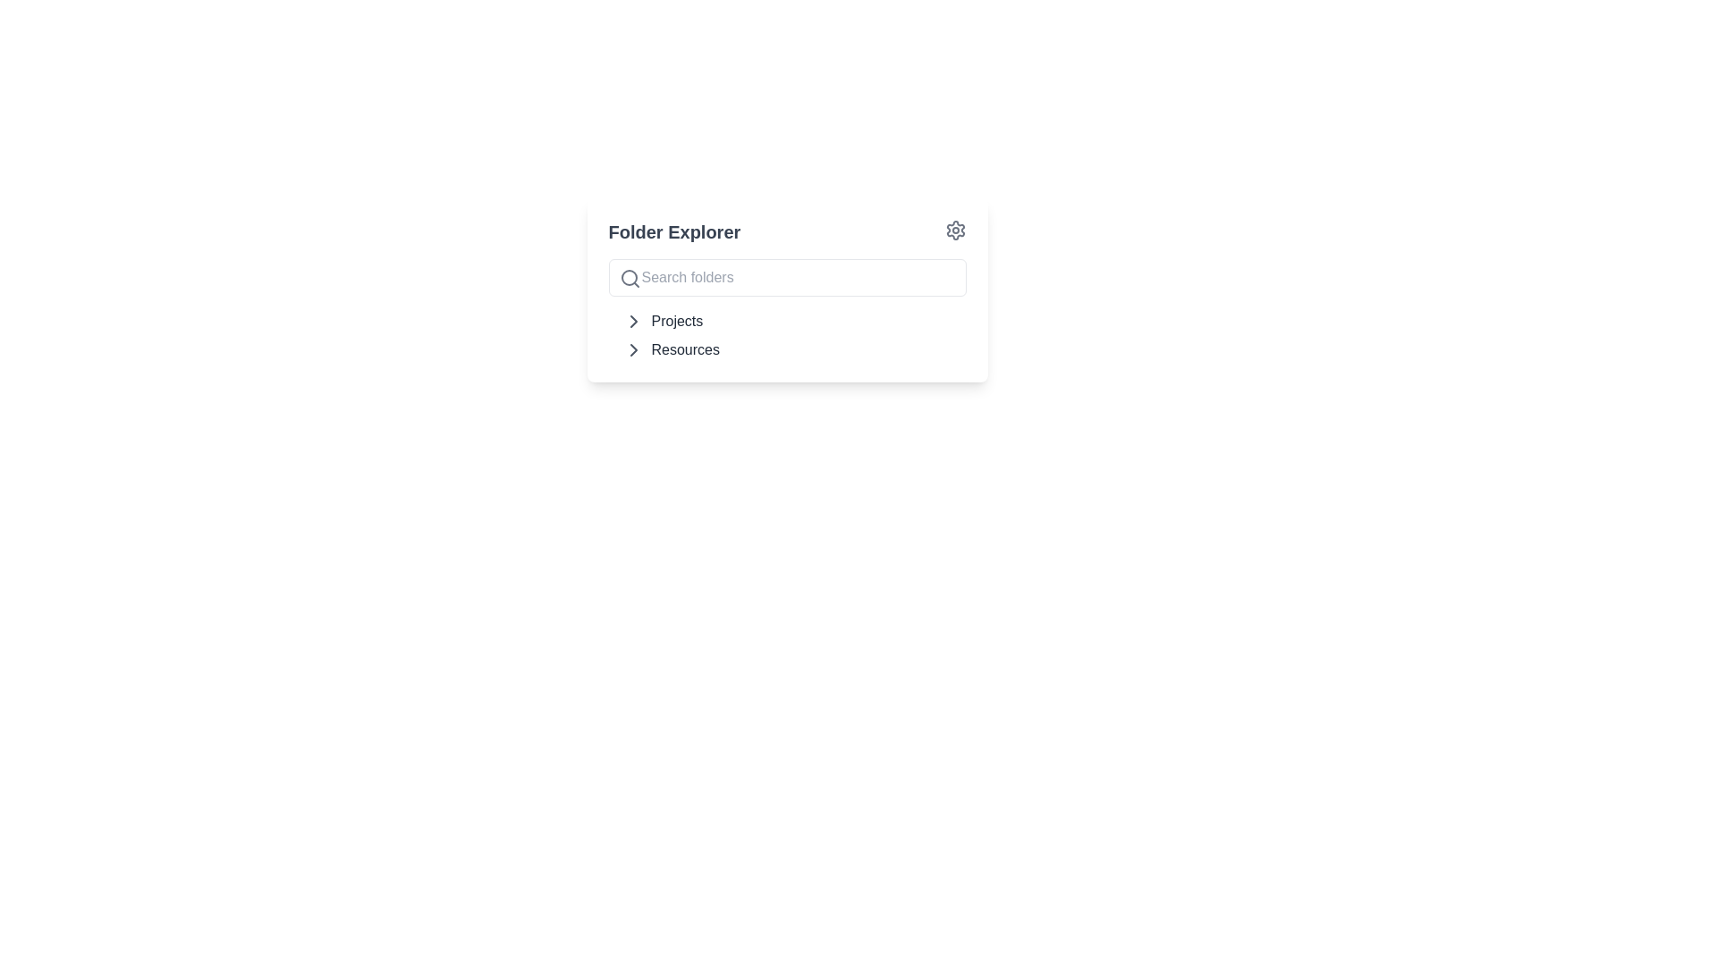 The width and height of the screenshot is (1717, 965). What do you see at coordinates (954, 230) in the screenshot?
I see `the gear-shaped settings icon located at the top-right corner of the 'Folder Explorer' card` at bounding box center [954, 230].